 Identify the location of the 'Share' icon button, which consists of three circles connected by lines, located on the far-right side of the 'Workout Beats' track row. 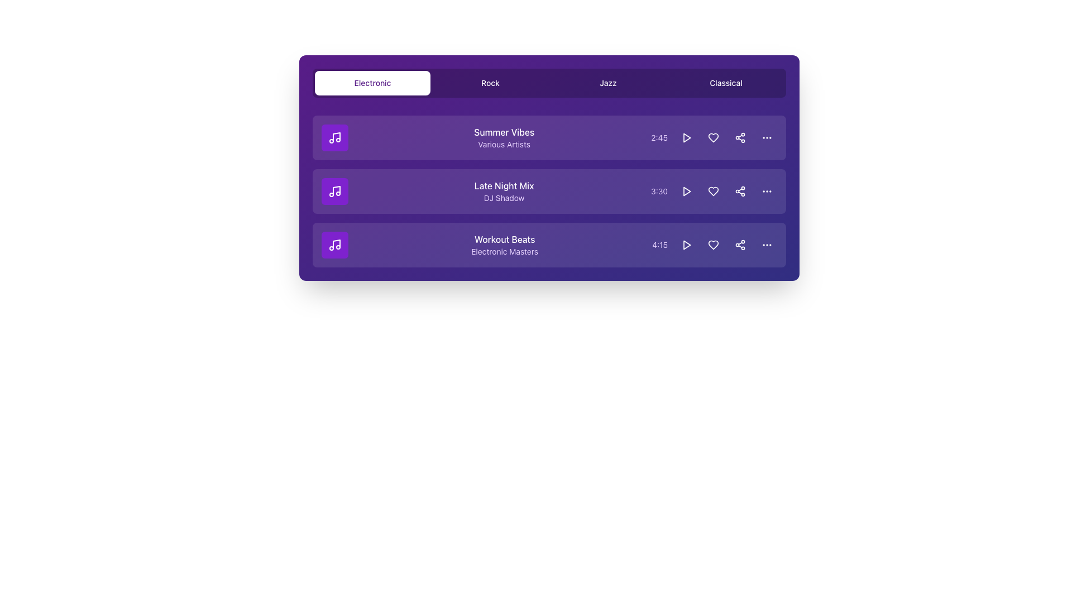
(740, 245).